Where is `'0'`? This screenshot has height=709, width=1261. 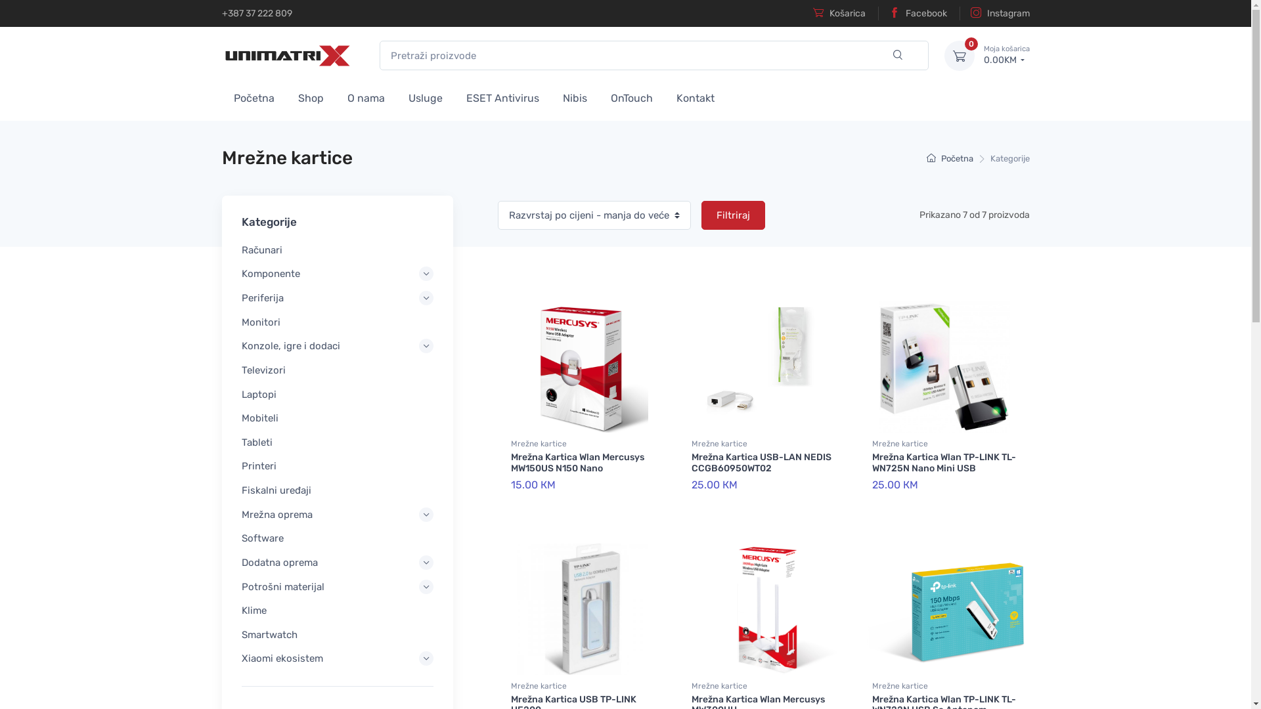 '0' is located at coordinates (944, 54).